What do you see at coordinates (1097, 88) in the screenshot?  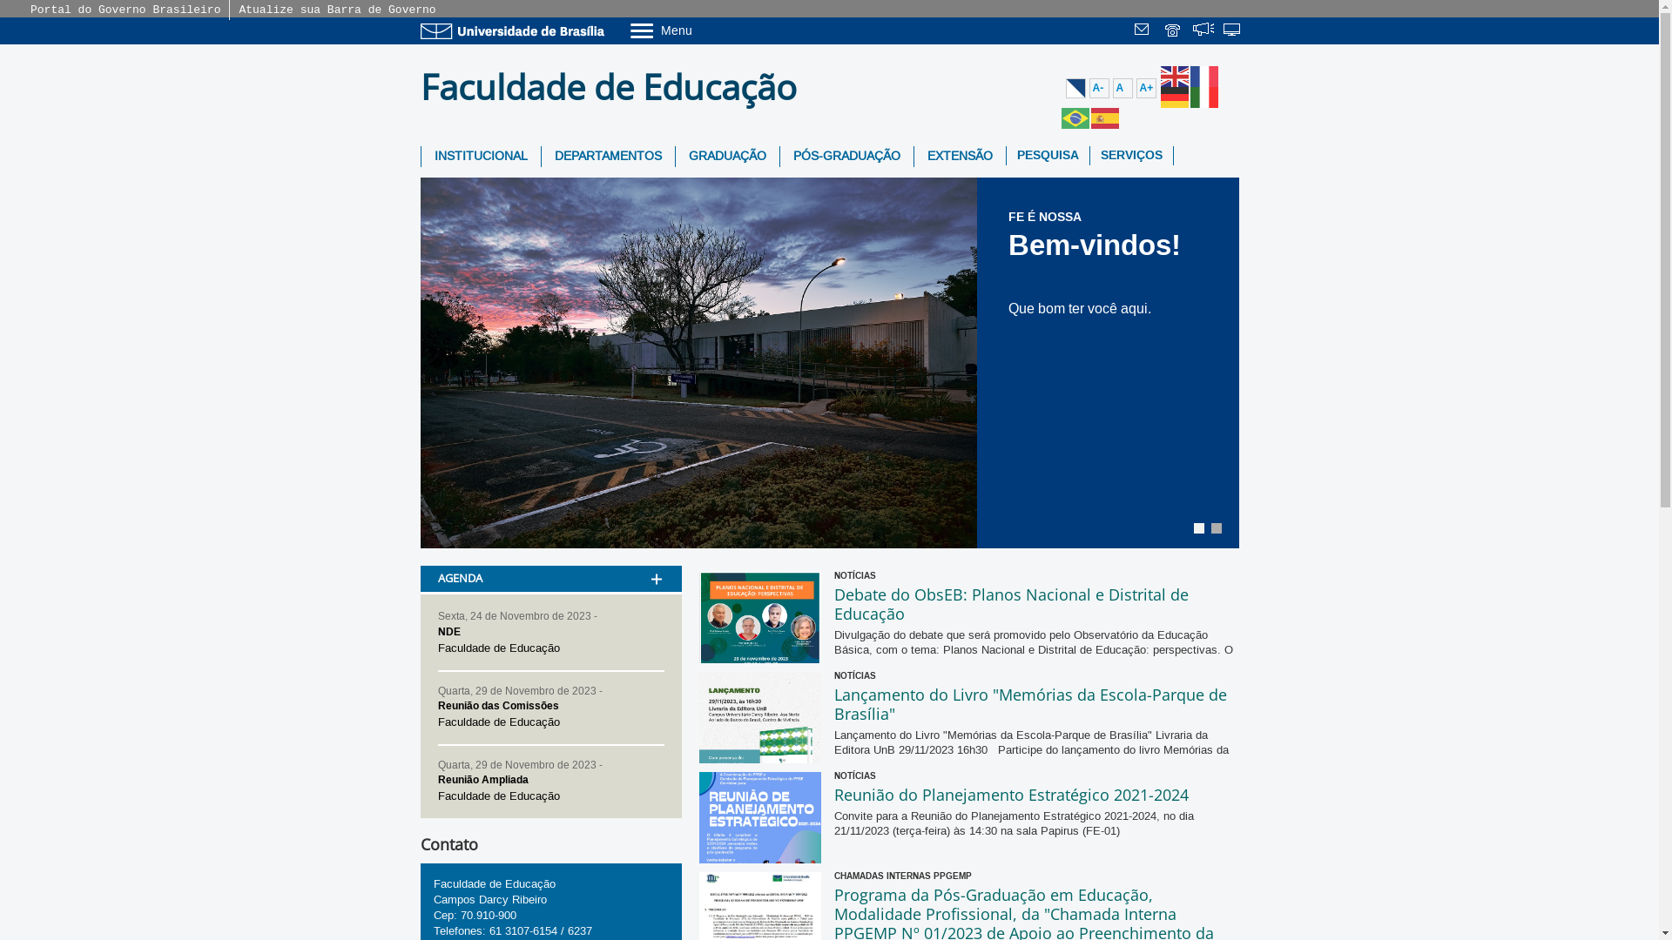 I see `'A-'` at bounding box center [1097, 88].